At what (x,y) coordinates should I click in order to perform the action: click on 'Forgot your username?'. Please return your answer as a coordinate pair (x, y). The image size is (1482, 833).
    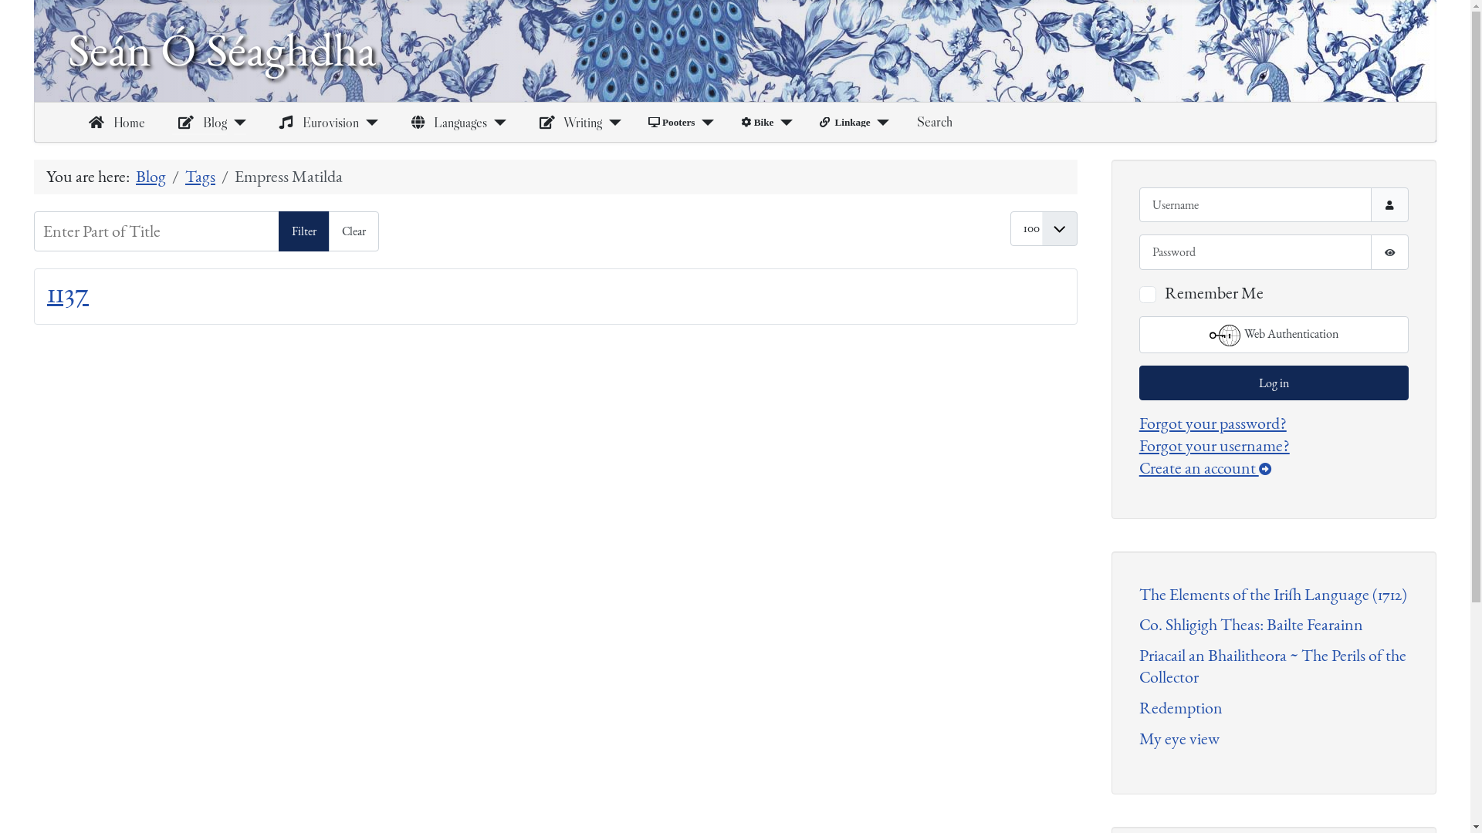
    Looking at the image, I should click on (1213, 446).